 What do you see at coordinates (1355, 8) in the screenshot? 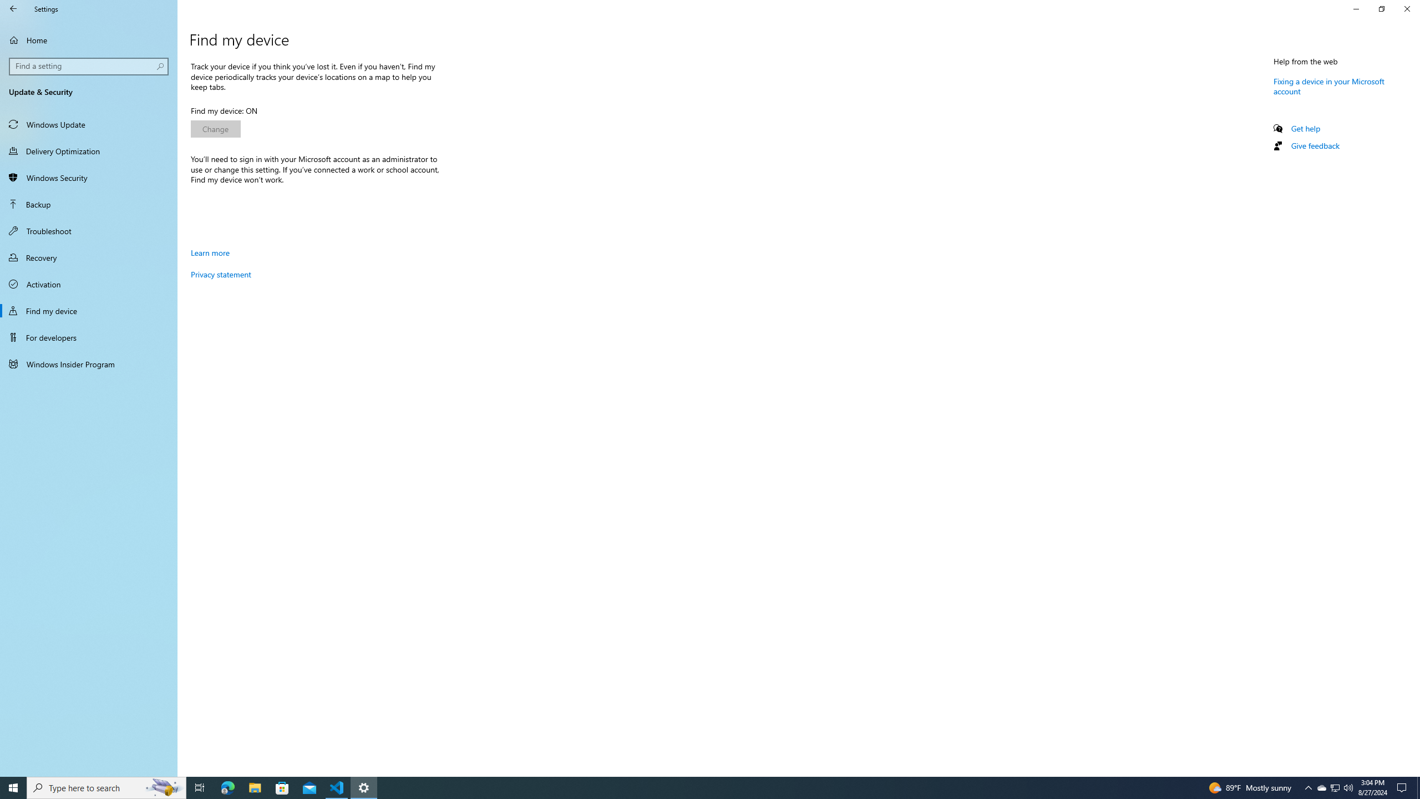
I see `'Minimize Settings'` at bounding box center [1355, 8].